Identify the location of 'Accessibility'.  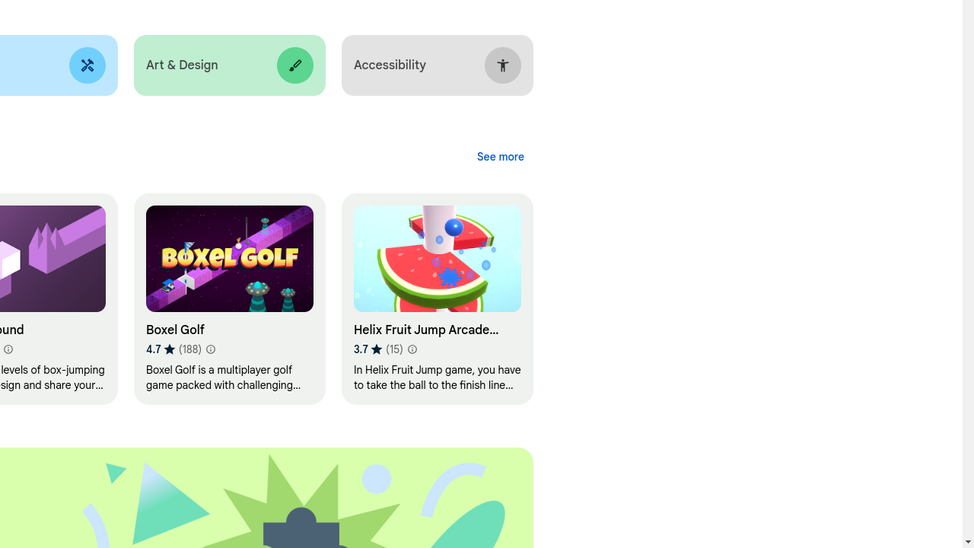
(436, 65).